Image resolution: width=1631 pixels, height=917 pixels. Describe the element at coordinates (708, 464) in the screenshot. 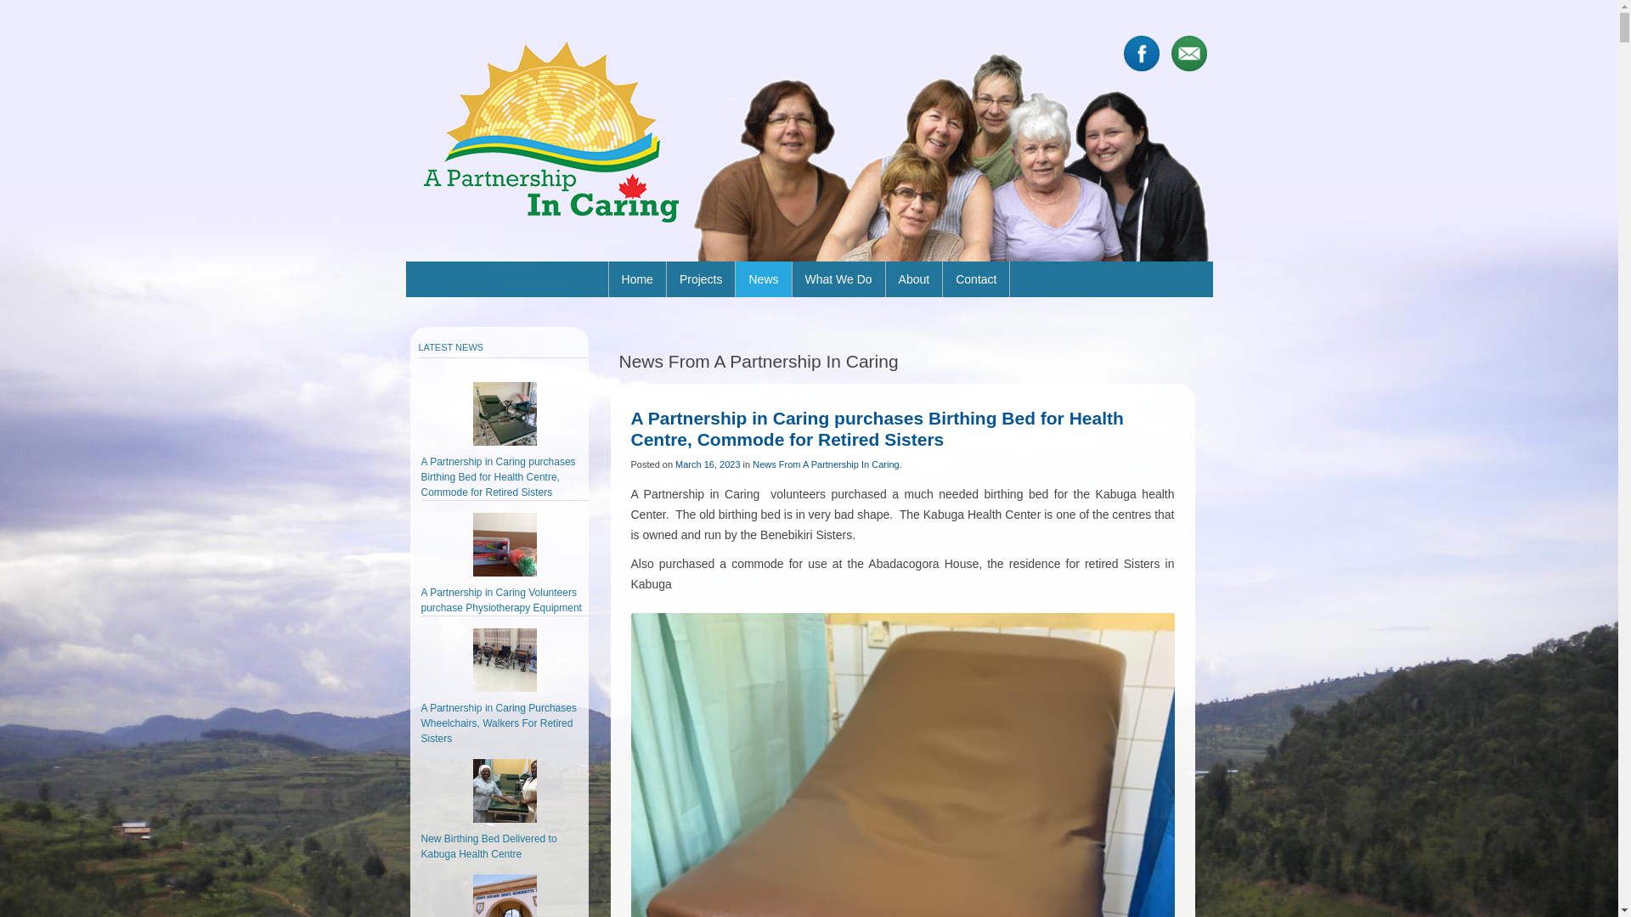

I see `'March 16, 2023'` at that location.